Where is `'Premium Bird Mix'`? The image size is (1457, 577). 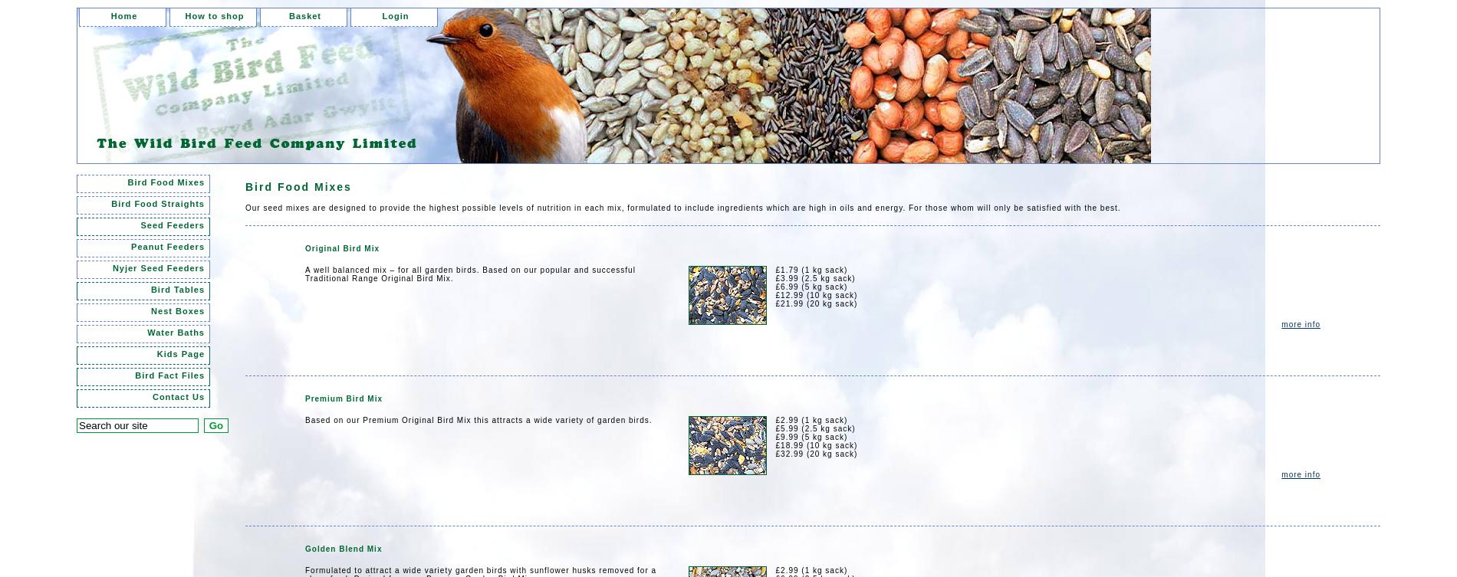
'Premium Bird Mix' is located at coordinates (304, 398).